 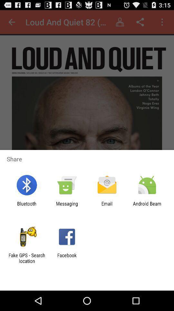 I want to click on the app to the right of fake gps search app, so click(x=66, y=258).